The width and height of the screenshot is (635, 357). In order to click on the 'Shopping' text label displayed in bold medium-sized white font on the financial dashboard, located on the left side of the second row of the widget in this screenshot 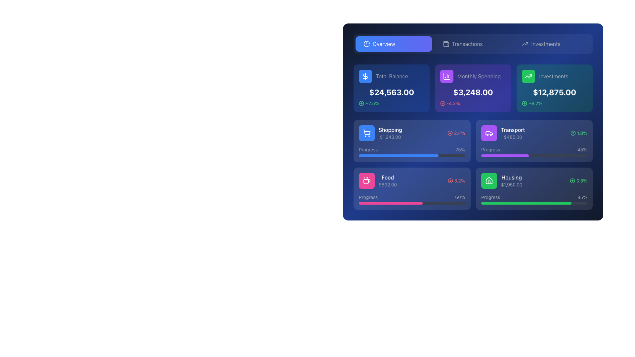, I will do `click(390, 130)`.